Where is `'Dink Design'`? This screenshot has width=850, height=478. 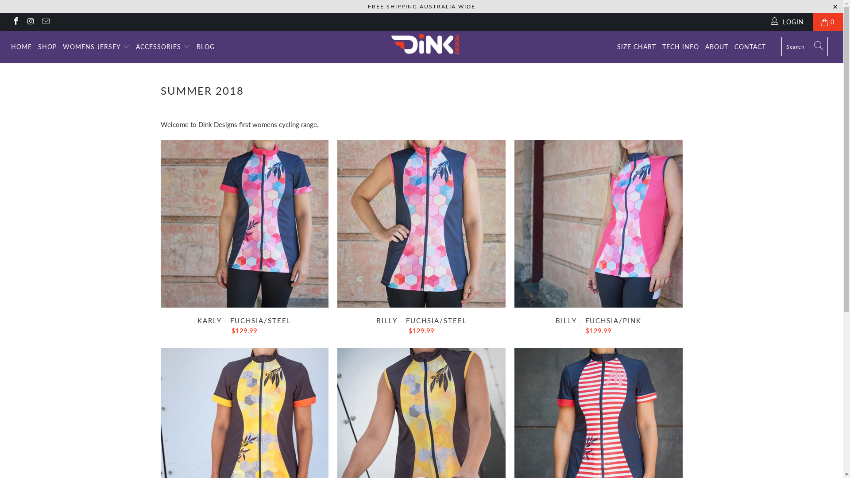 'Dink Design' is located at coordinates (426, 44).